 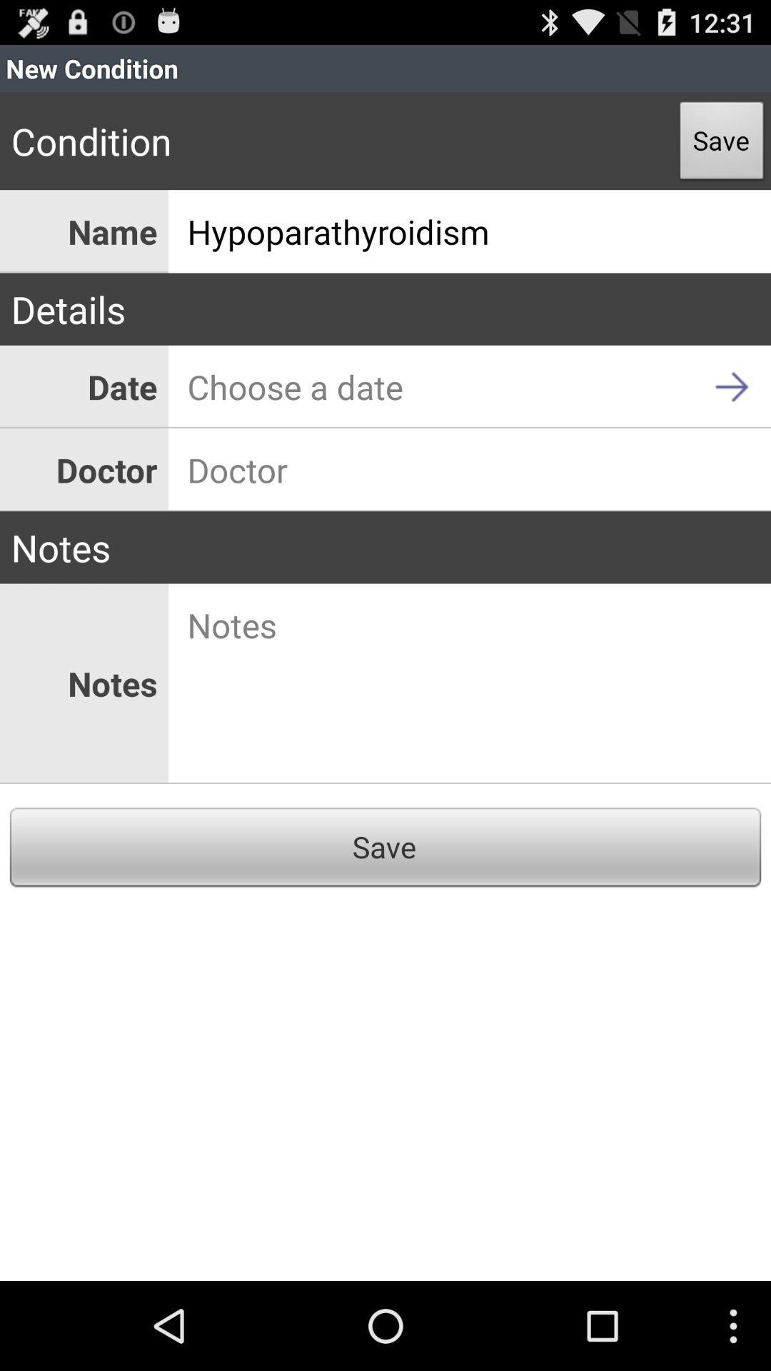 I want to click on date entry field, so click(x=470, y=386).